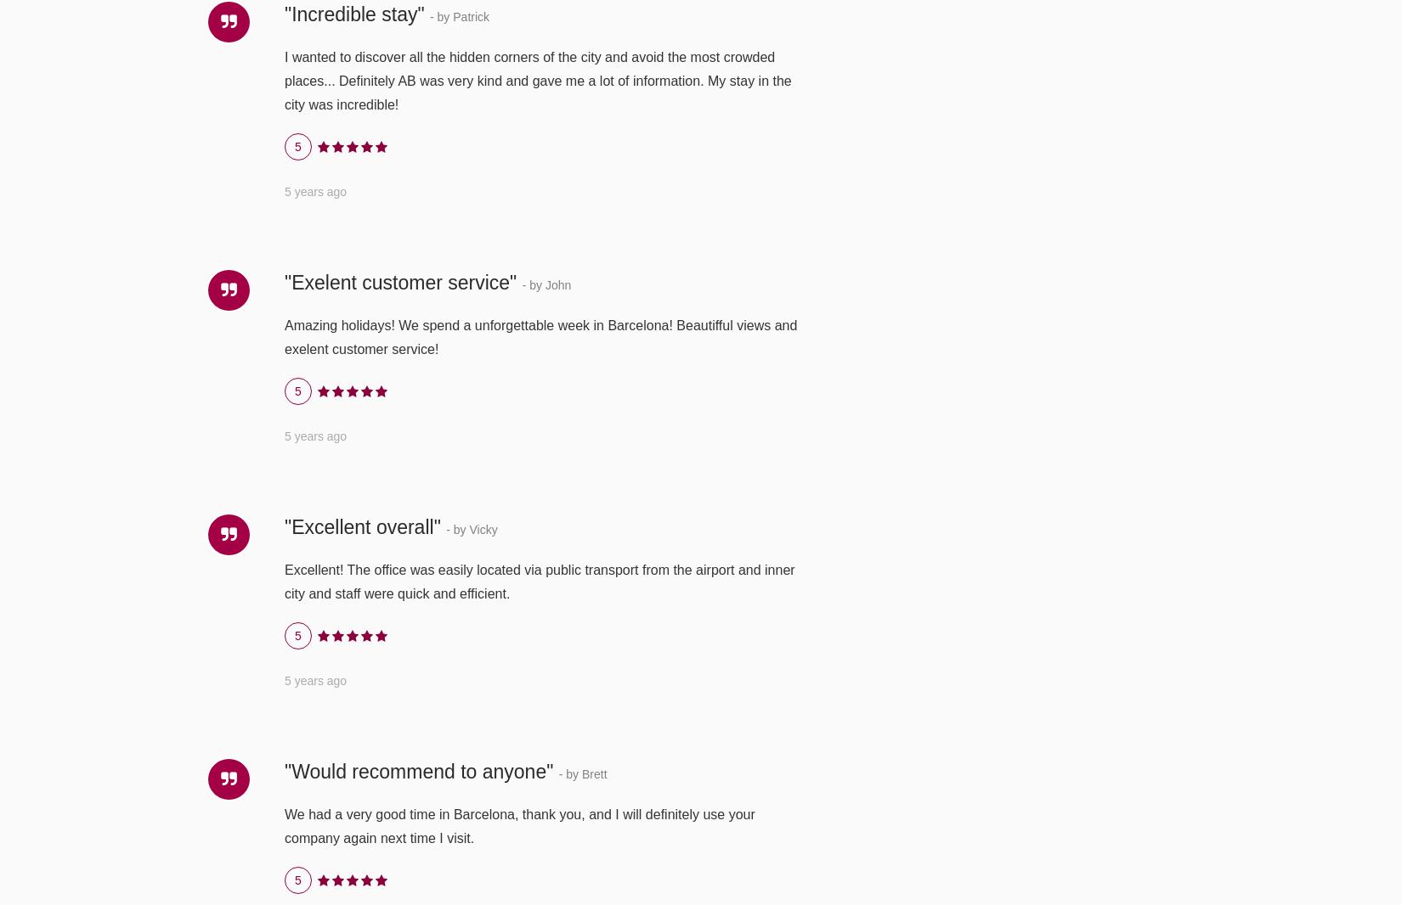  I want to click on 'We had a very good time in Barcelona, thank you, and I will definitely use your company again next time I visit.', so click(518, 825).